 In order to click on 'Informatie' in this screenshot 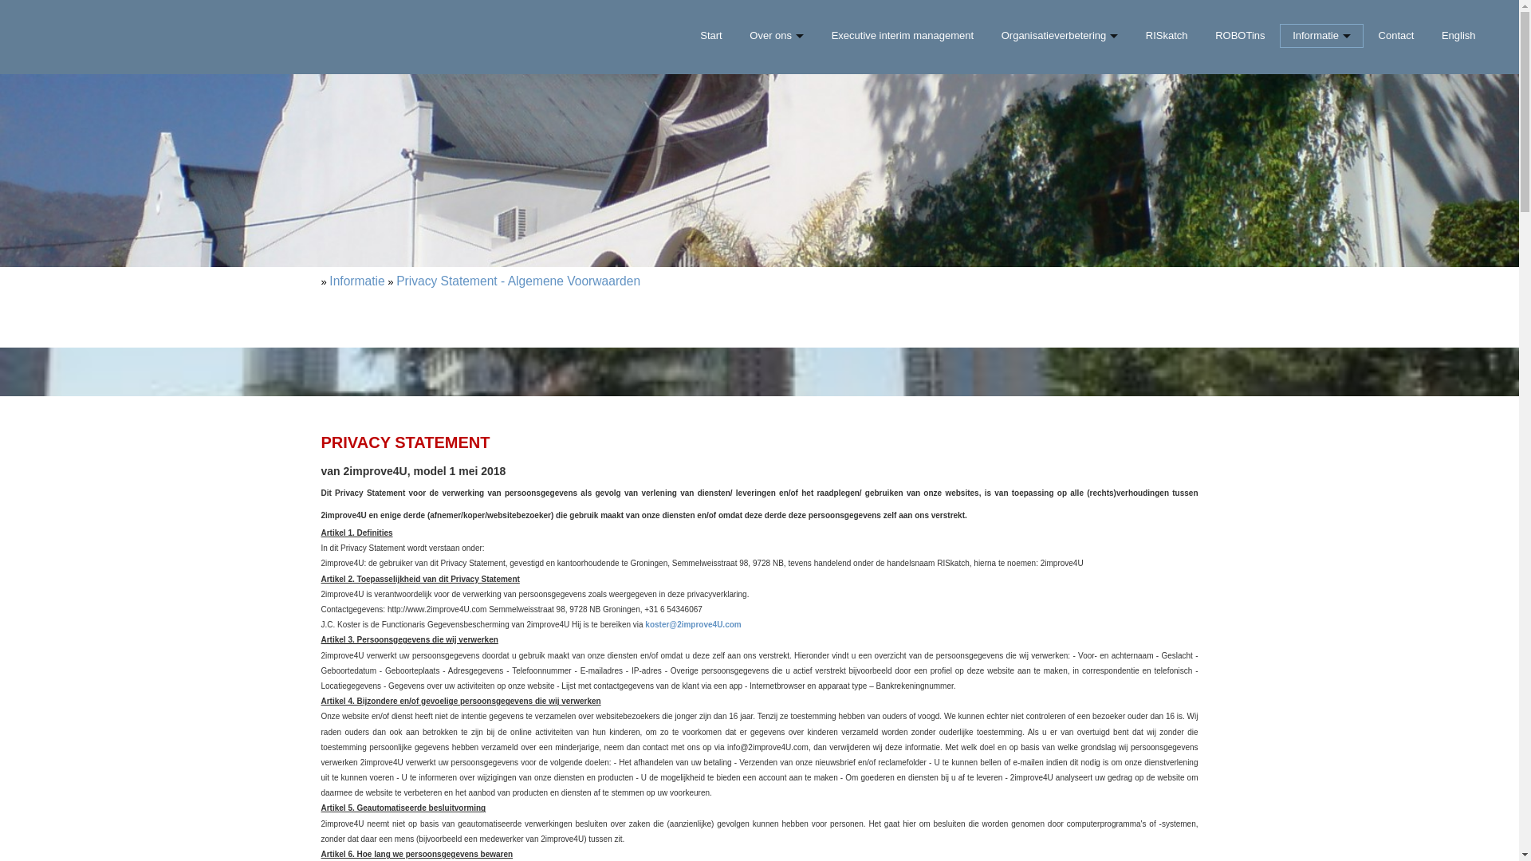, I will do `click(1321, 36)`.